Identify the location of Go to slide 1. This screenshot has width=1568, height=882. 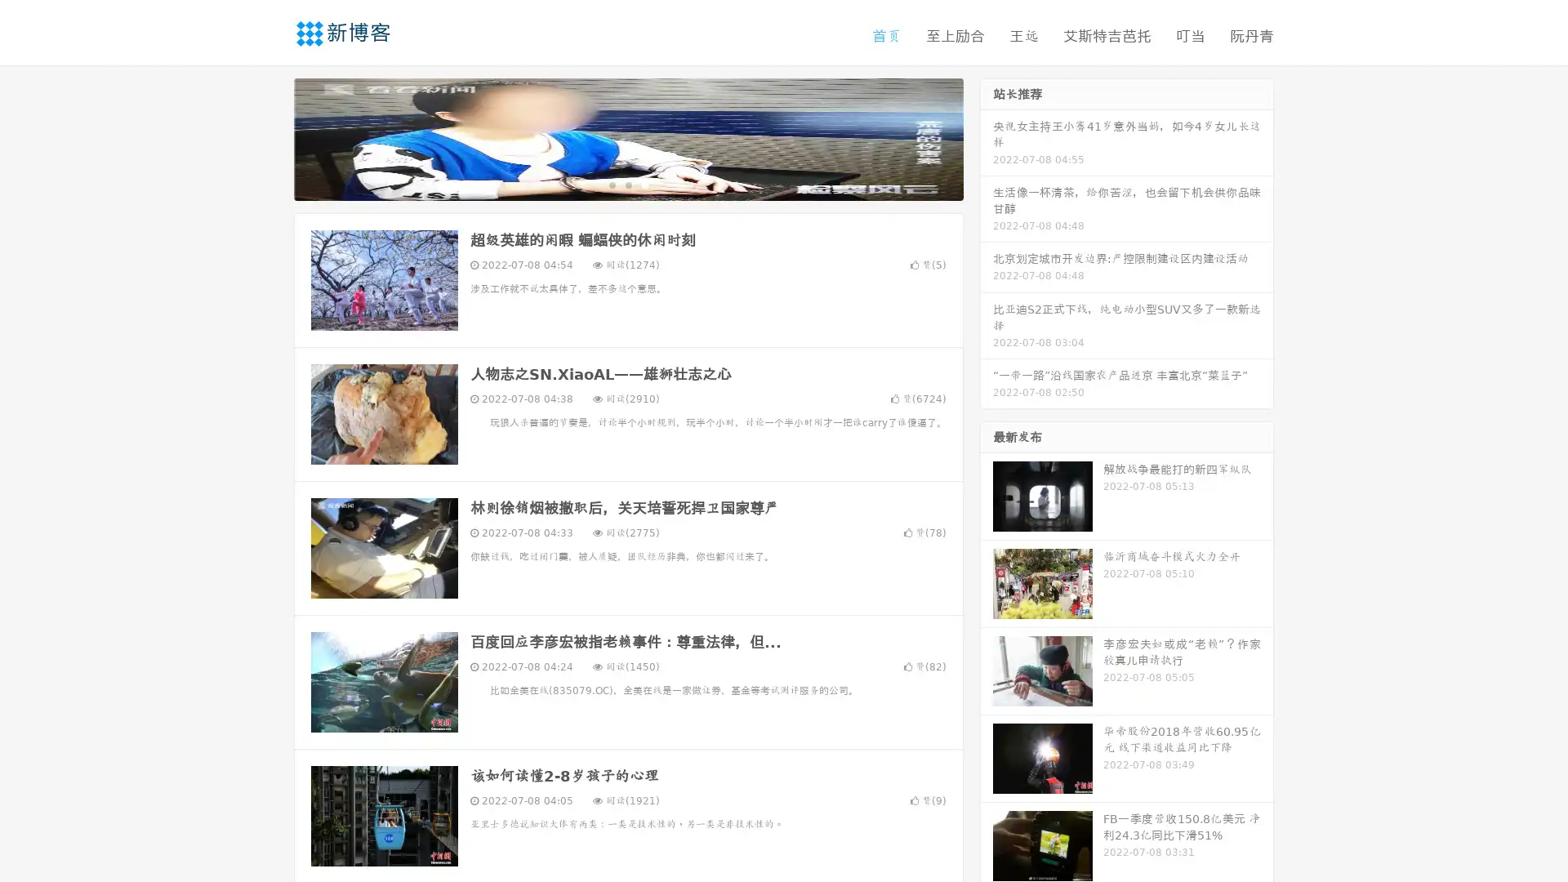
(611, 184).